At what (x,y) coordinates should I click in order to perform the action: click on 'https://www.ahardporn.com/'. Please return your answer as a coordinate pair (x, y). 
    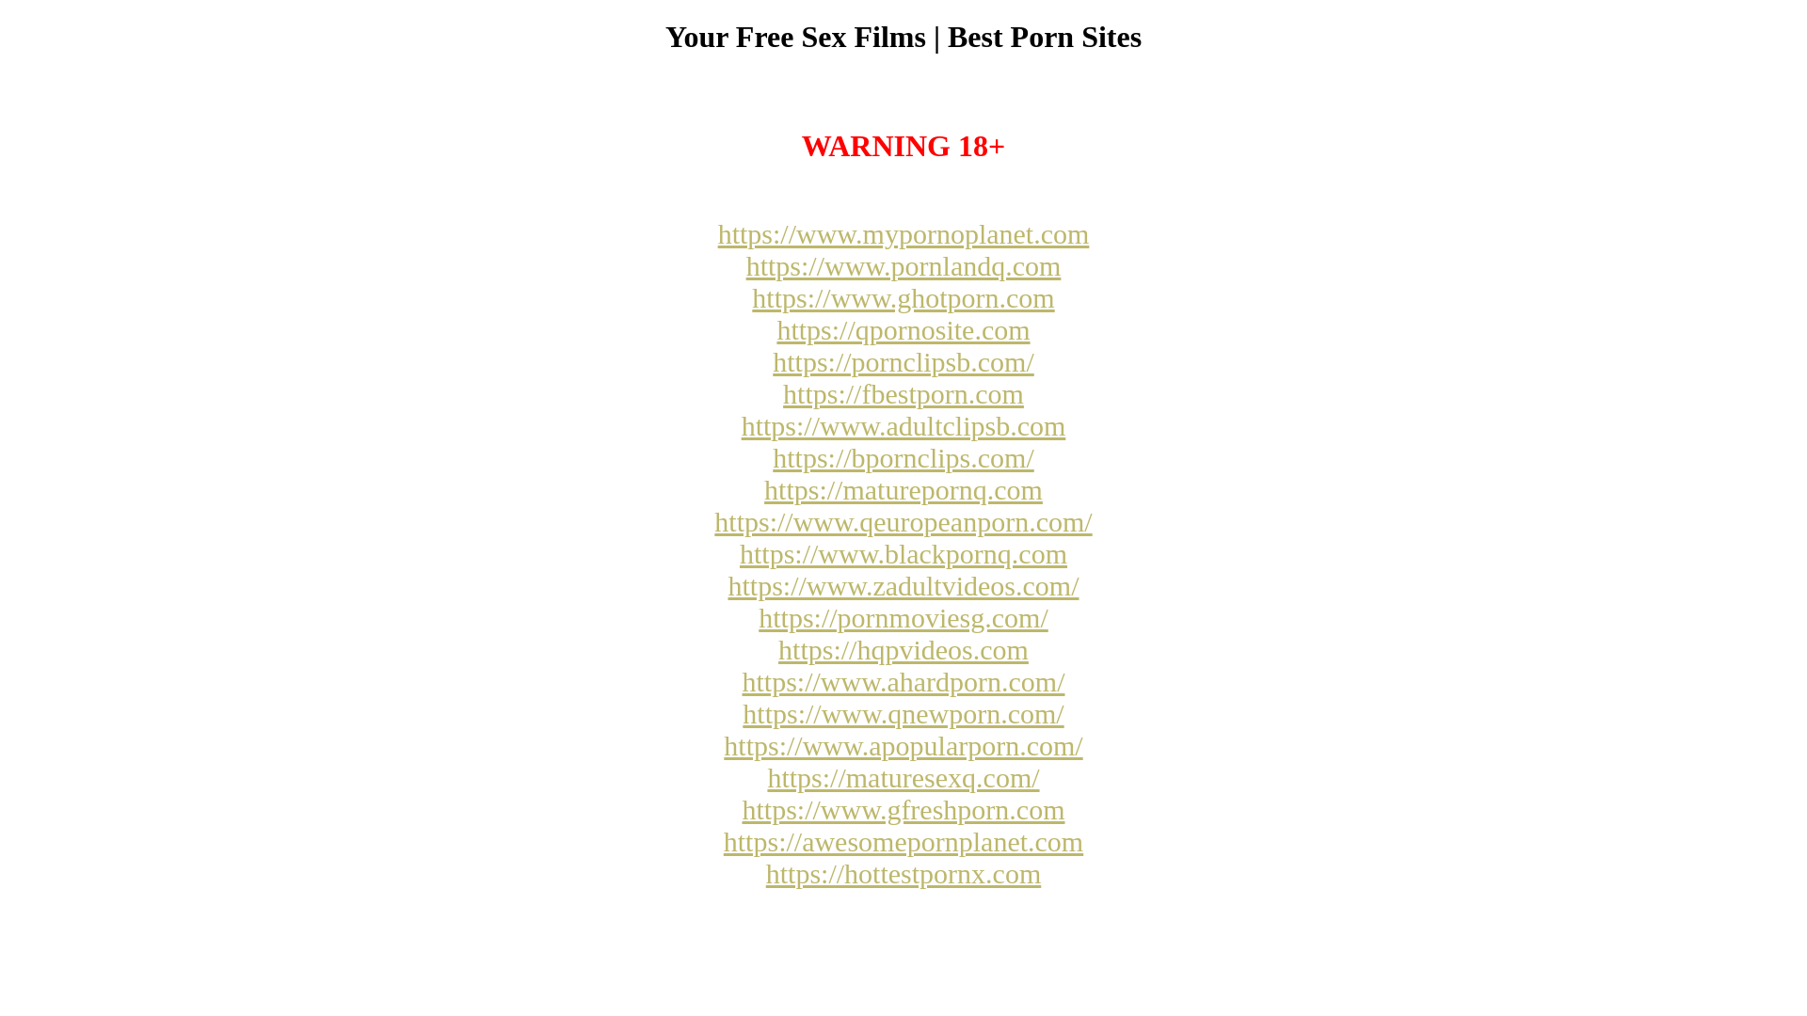
    Looking at the image, I should click on (902, 681).